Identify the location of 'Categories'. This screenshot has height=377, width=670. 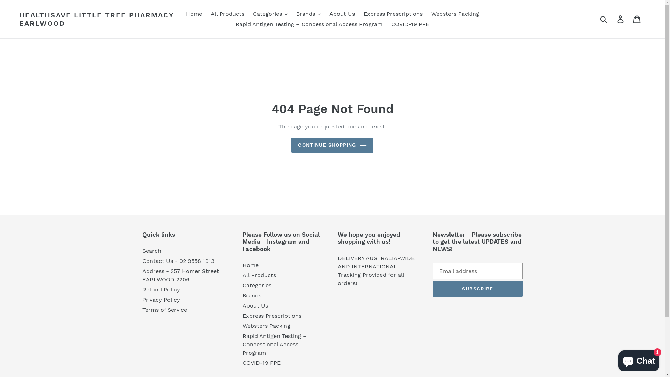
(256, 285).